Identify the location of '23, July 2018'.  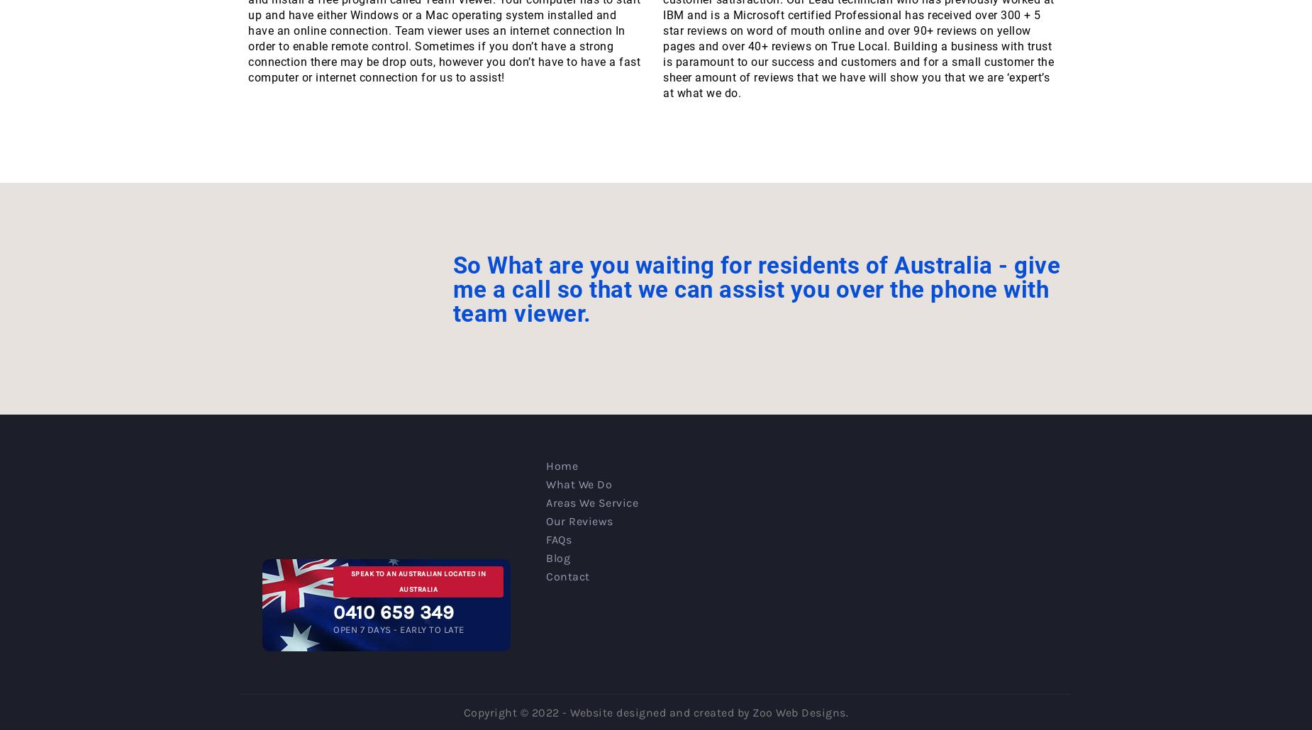
(369, 223).